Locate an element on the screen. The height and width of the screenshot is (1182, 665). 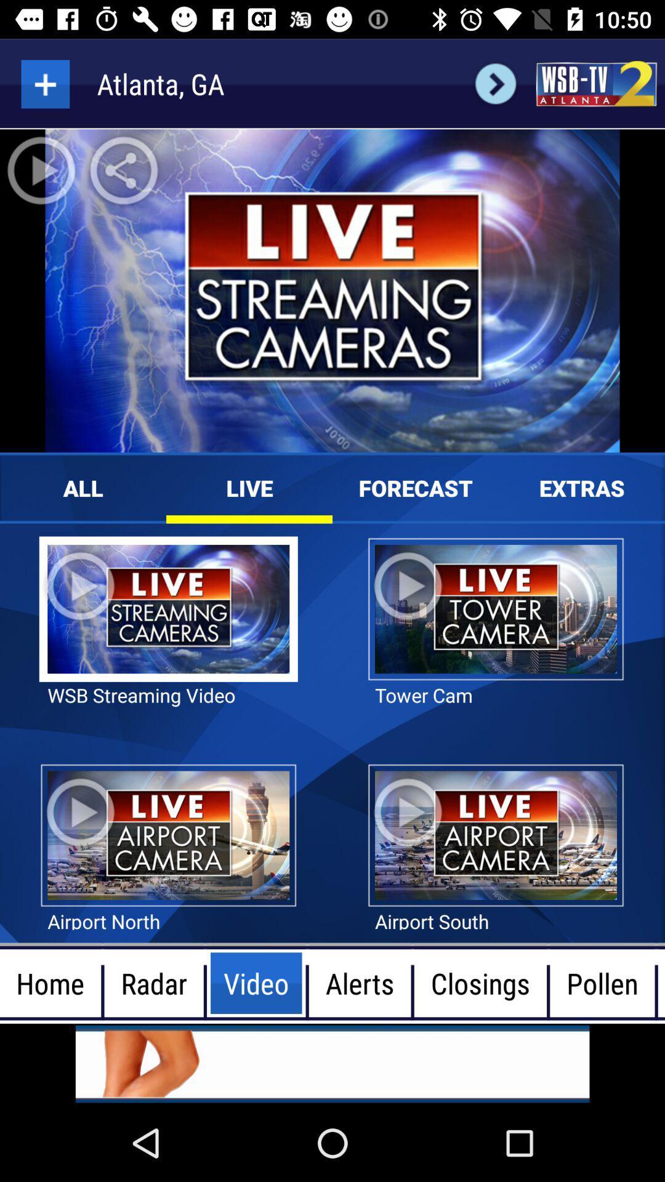
the arrow_forward icon is located at coordinates (495, 83).